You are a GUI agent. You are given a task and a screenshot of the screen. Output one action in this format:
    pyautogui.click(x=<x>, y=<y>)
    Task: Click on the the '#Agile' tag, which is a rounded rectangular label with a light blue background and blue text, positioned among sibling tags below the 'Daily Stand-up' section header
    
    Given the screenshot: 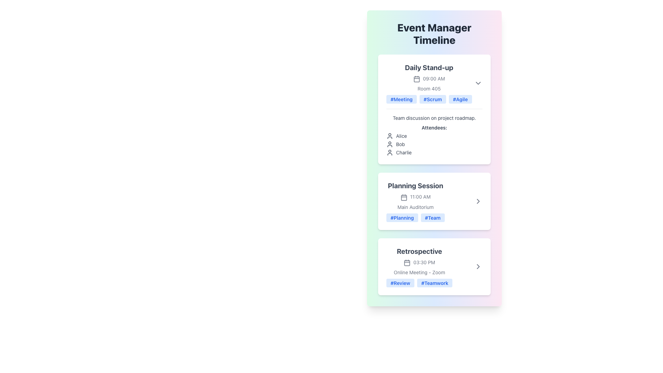 What is the action you would take?
    pyautogui.click(x=460, y=99)
    